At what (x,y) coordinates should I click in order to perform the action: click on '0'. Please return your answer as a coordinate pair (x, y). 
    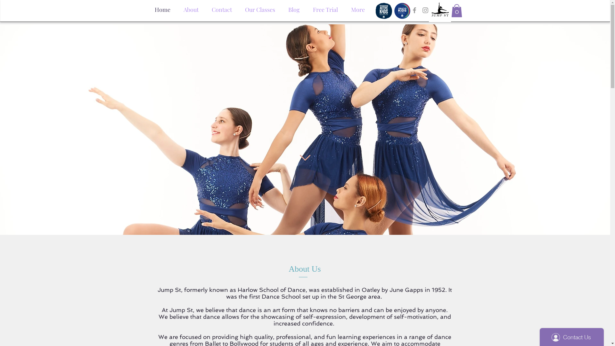
    Looking at the image, I should click on (456, 11).